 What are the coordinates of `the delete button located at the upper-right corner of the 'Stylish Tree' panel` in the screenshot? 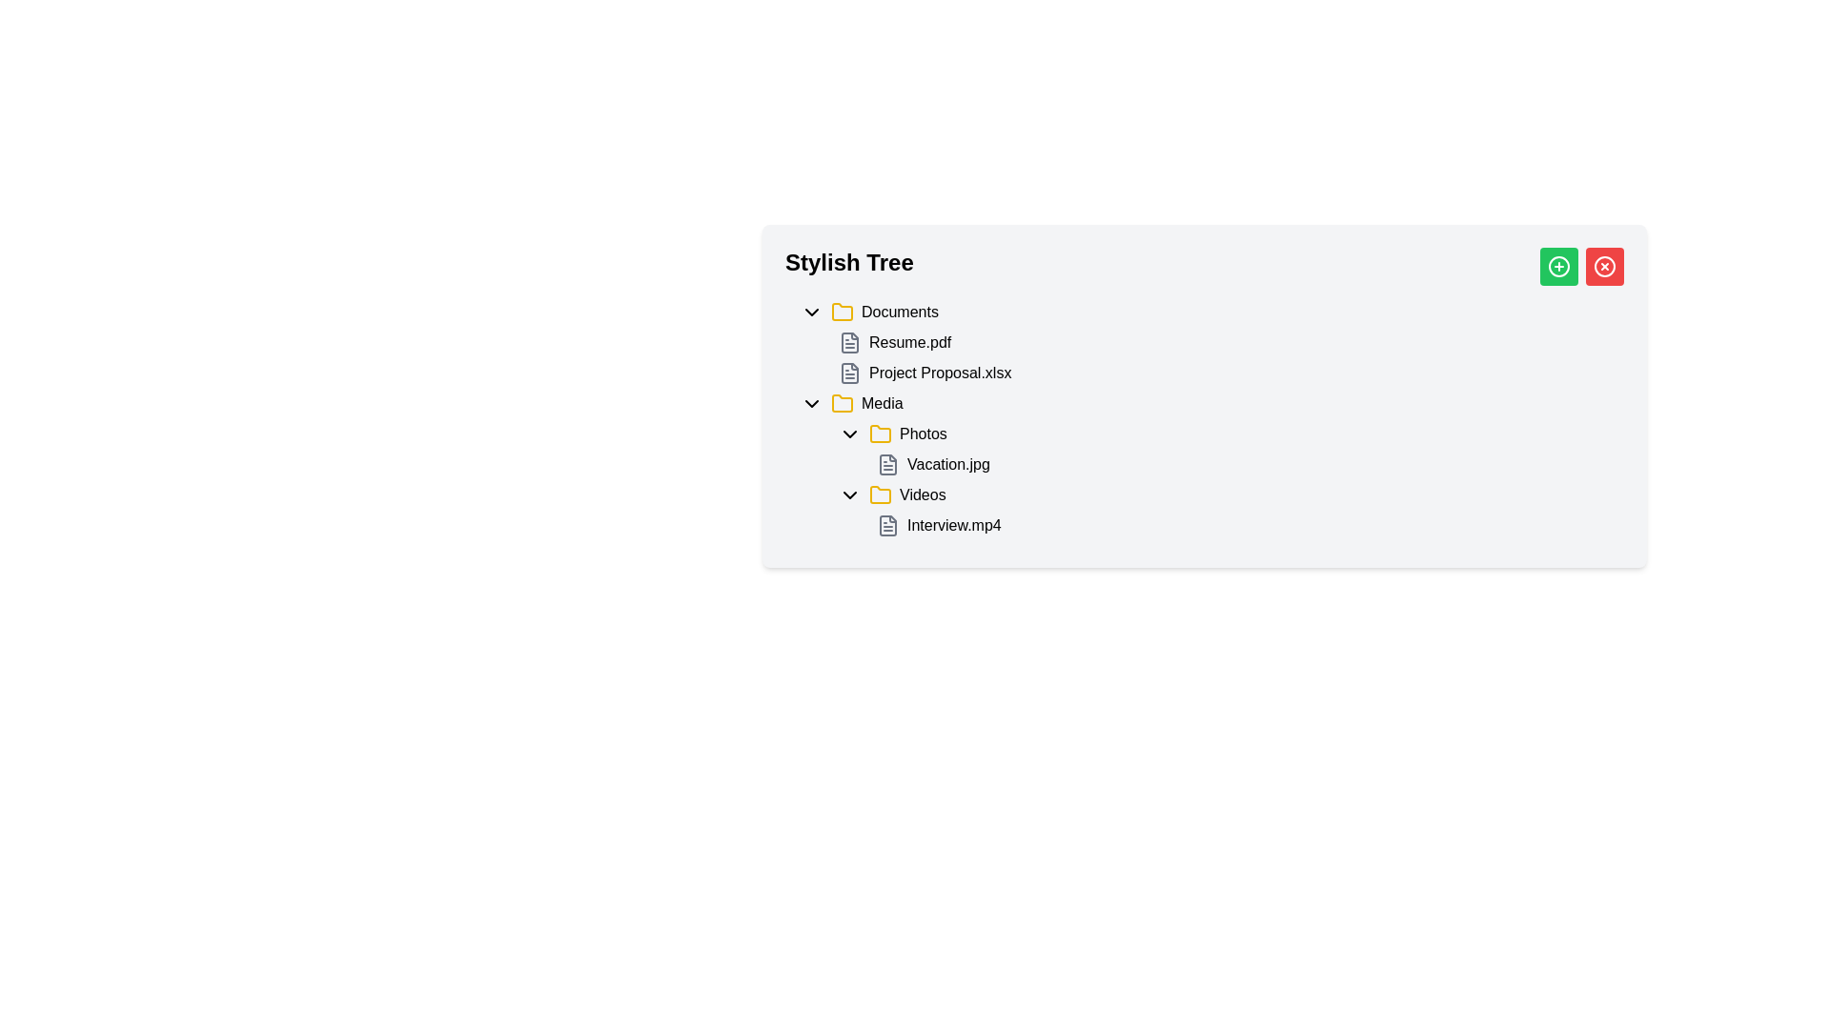 It's located at (1604, 267).